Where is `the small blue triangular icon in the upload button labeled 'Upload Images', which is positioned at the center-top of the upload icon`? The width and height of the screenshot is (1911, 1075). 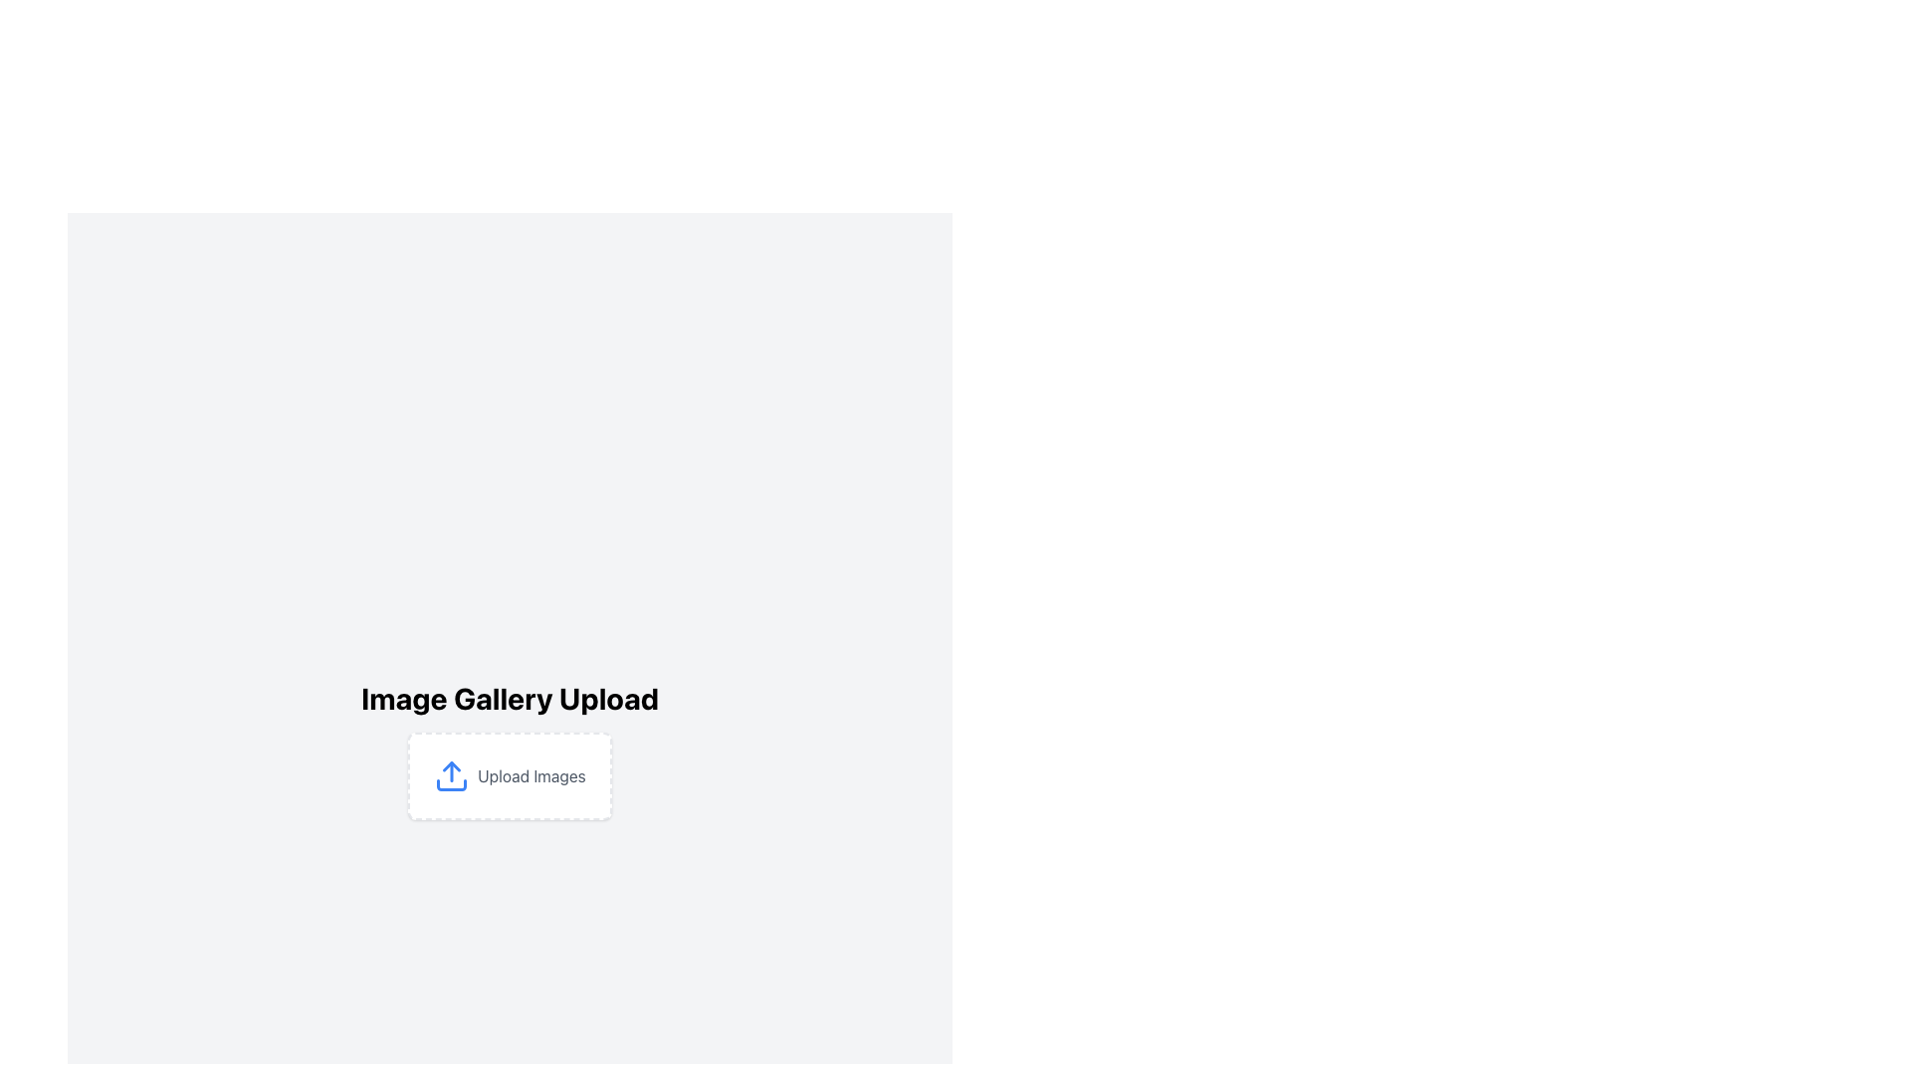
the small blue triangular icon in the upload button labeled 'Upload Images', which is positioned at the center-top of the upload icon is located at coordinates (451, 765).